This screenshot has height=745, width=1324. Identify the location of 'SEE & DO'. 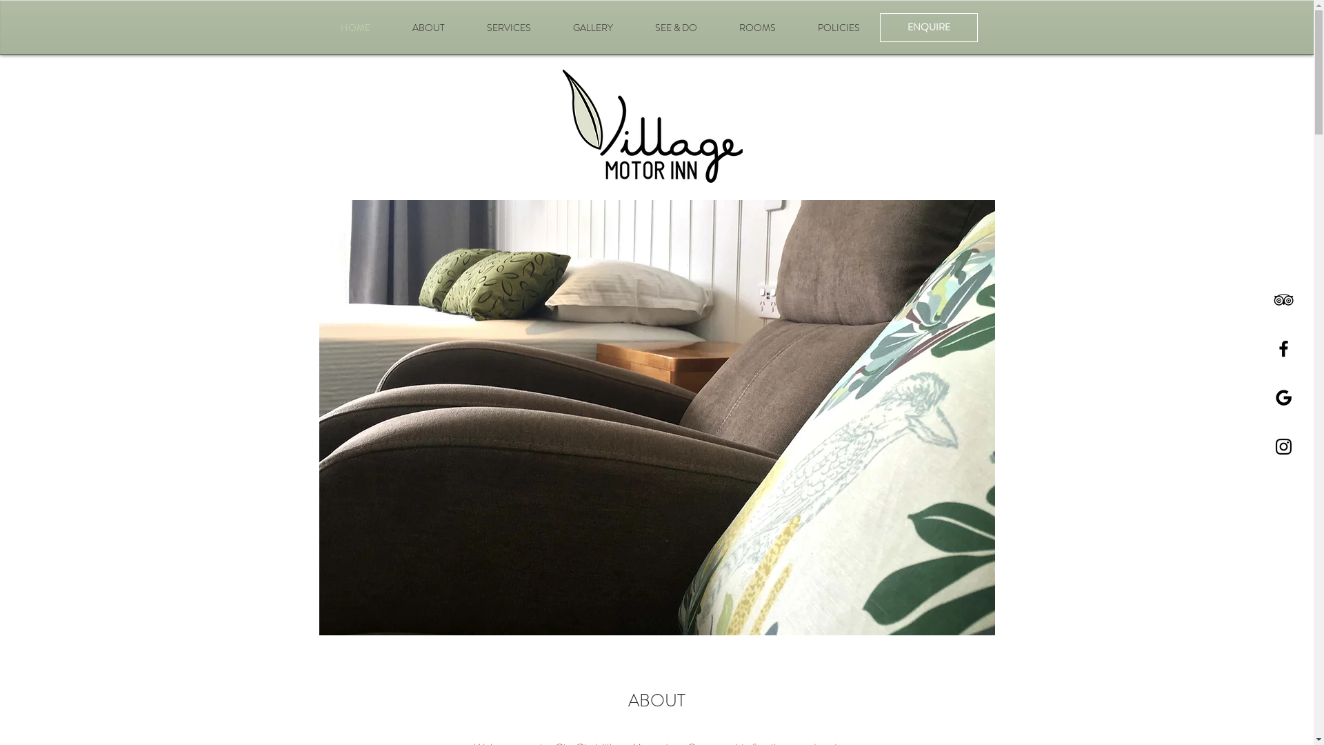
(676, 27).